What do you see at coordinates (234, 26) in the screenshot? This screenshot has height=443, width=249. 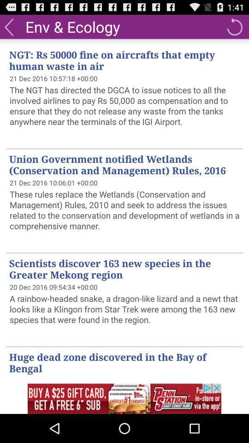 I see `reload or refreshing icon` at bounding box center [234, 26].